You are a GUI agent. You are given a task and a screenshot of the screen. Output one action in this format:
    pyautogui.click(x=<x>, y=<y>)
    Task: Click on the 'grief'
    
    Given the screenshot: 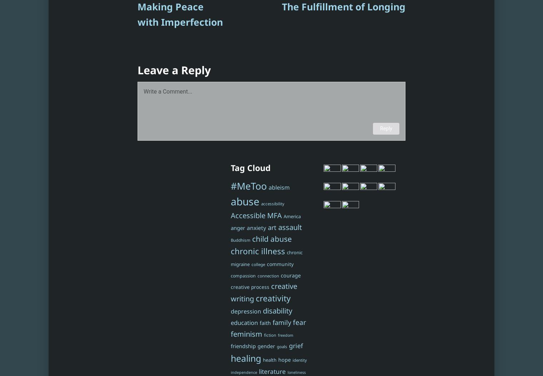 What is the action you would take?
    pyautogui.click(x=288, y=346)
    